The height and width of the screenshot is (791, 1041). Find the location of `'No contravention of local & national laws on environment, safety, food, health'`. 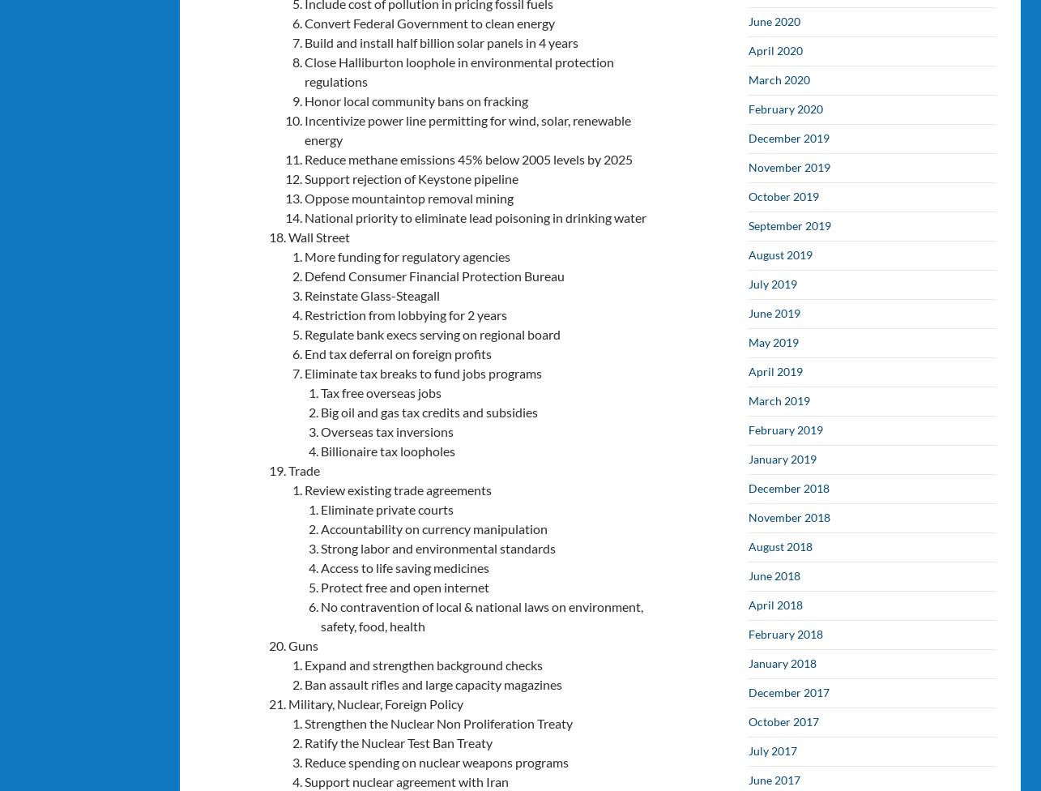

'No contravention of local & national laws on environment, safety, food, health' is located at coordinates (481, 615).